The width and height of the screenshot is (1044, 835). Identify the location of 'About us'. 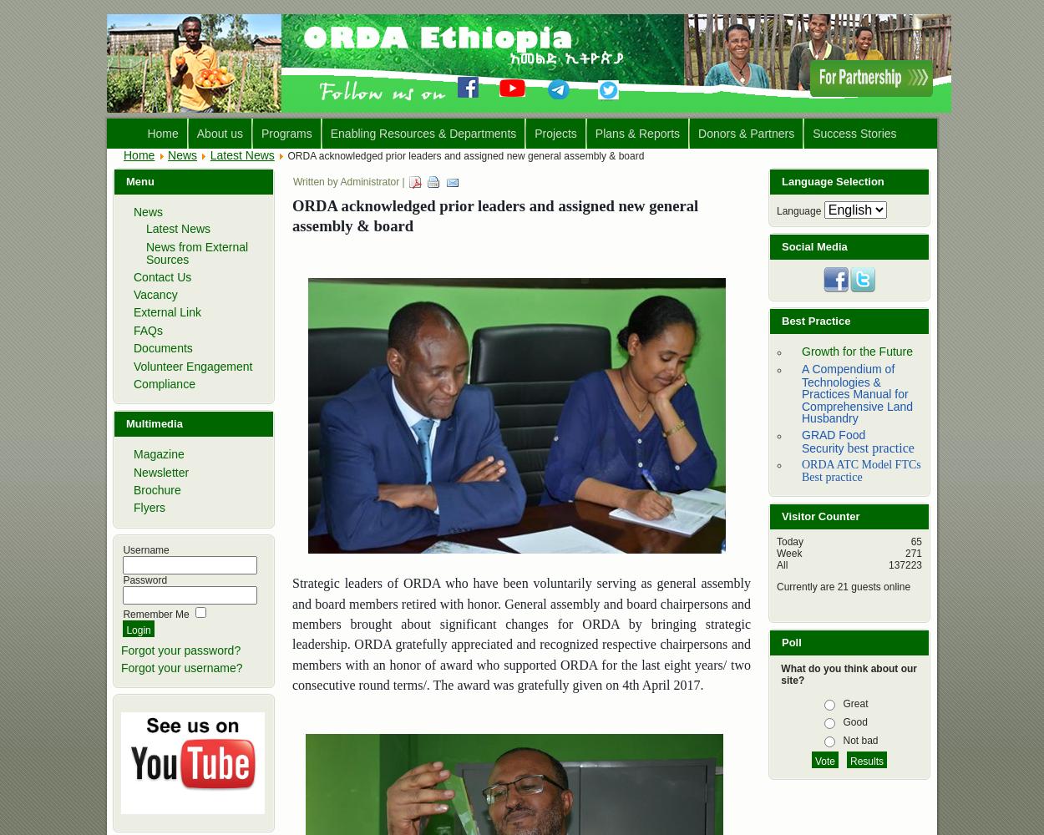
(220, 134).